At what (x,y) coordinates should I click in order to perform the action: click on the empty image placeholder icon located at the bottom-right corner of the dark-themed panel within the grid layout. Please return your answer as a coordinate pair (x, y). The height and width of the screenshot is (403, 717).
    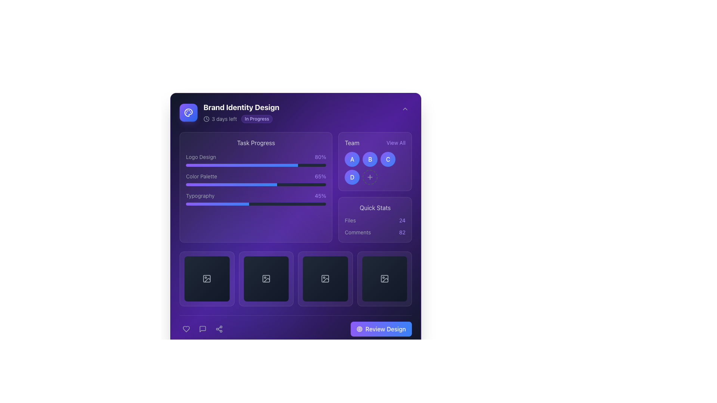
    Looking at the image, I should click on (384, 279).